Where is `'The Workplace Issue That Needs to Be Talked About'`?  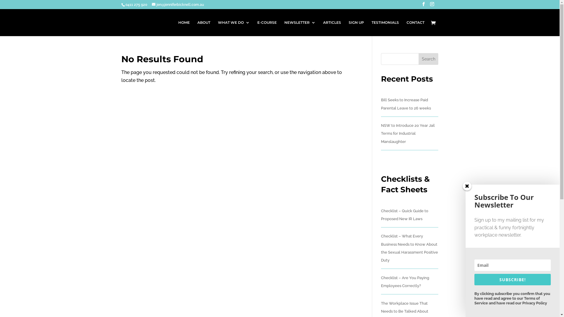
'The Workplace Issue That Needs to Be Talked About' is located at coordinates (404, 307).